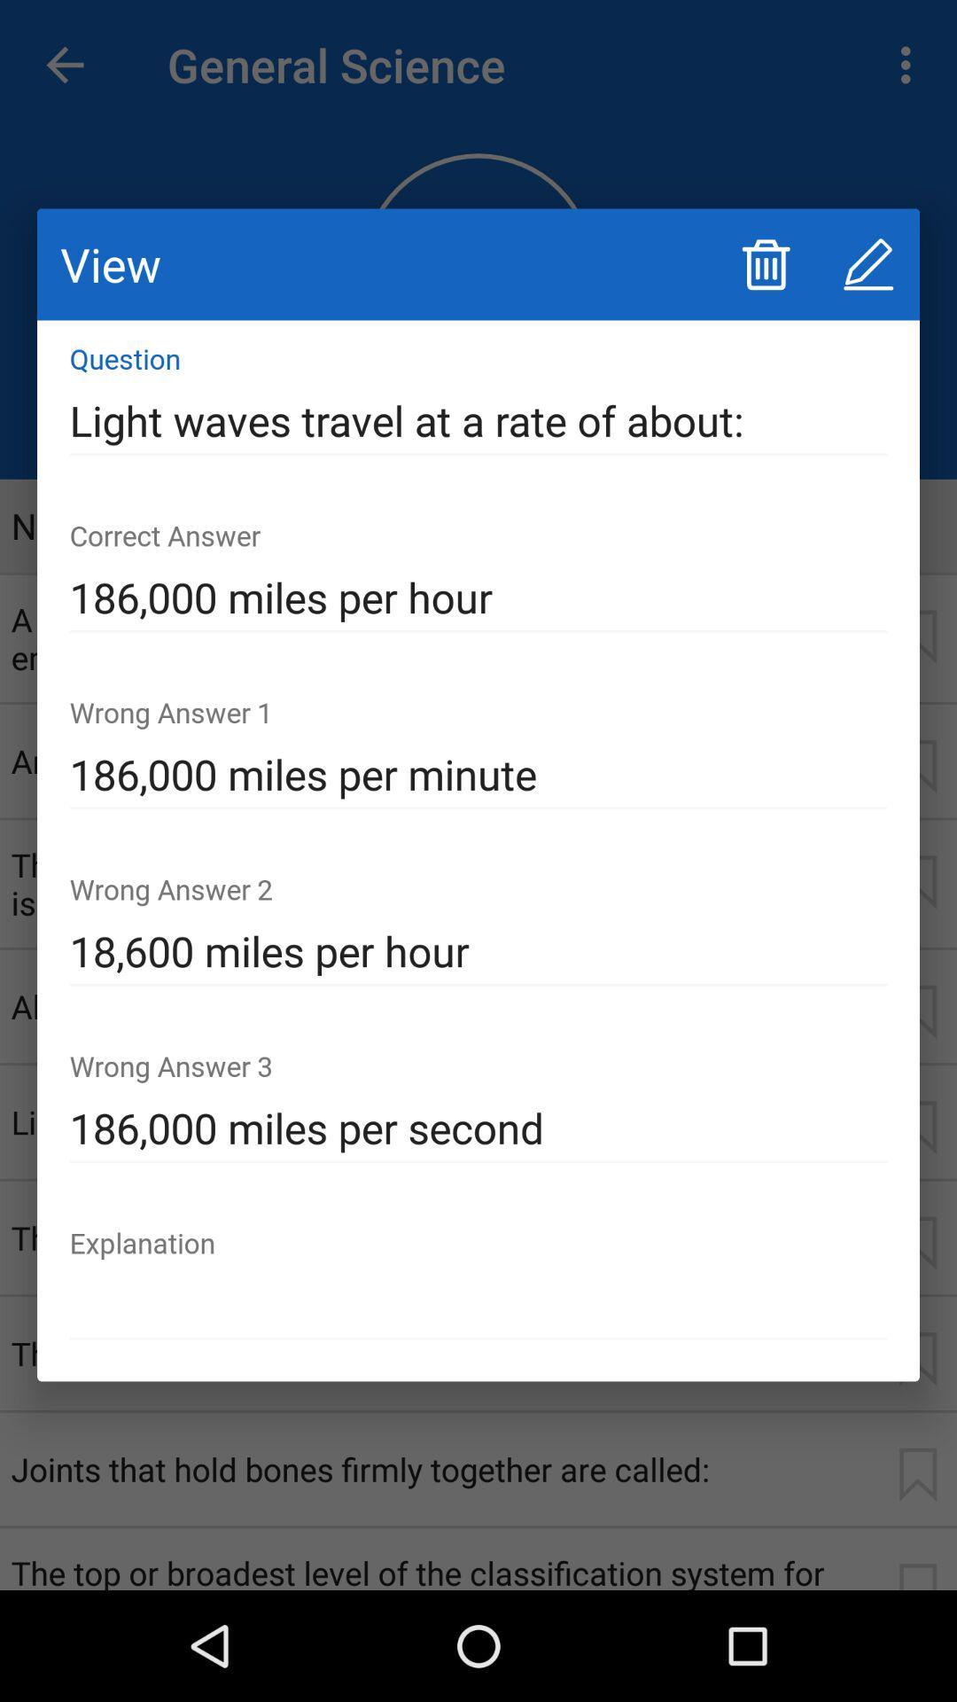  I want to click on the item above 186 000 miles icon, so click(478, 420).